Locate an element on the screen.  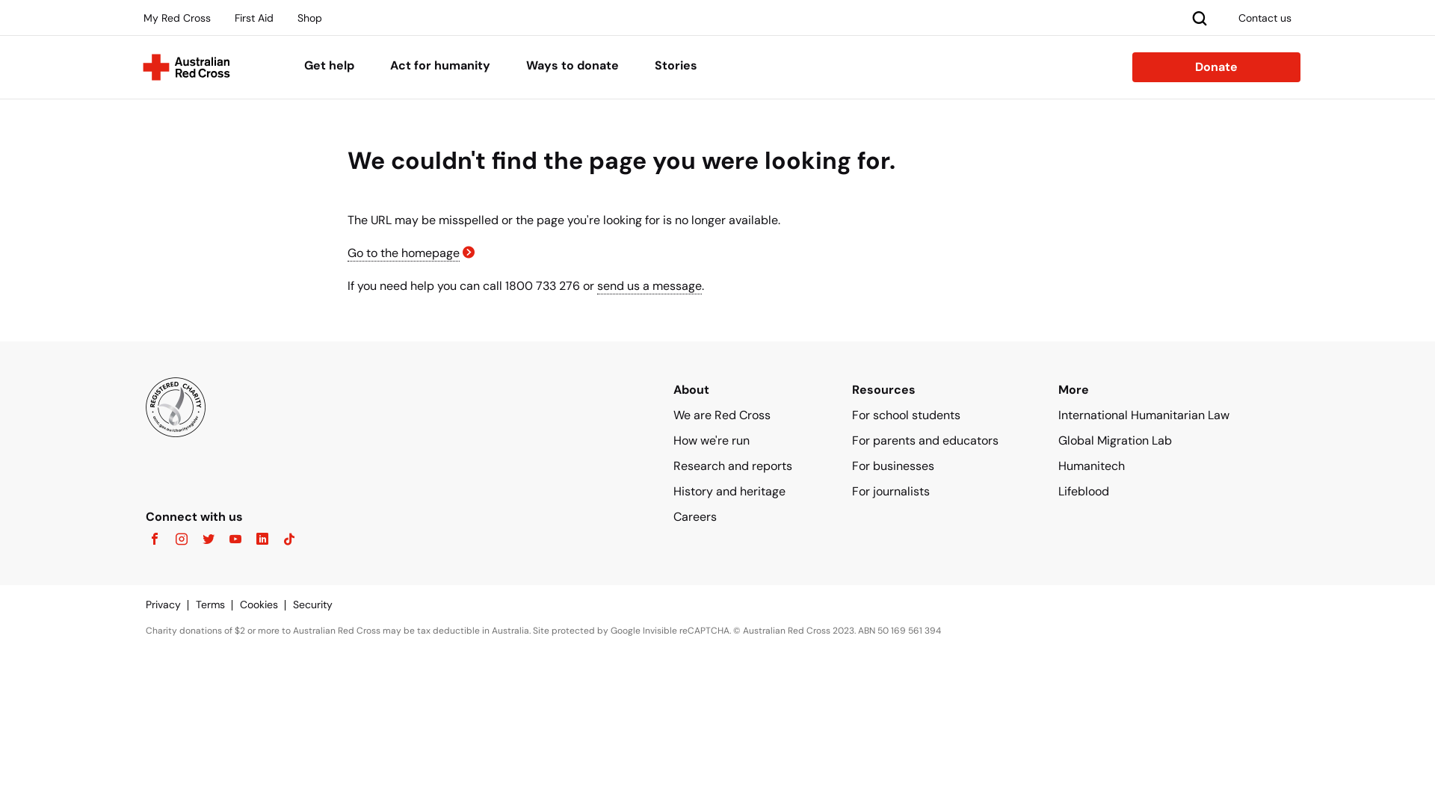
'Ways to donate' is located at coordinates (526, 66).